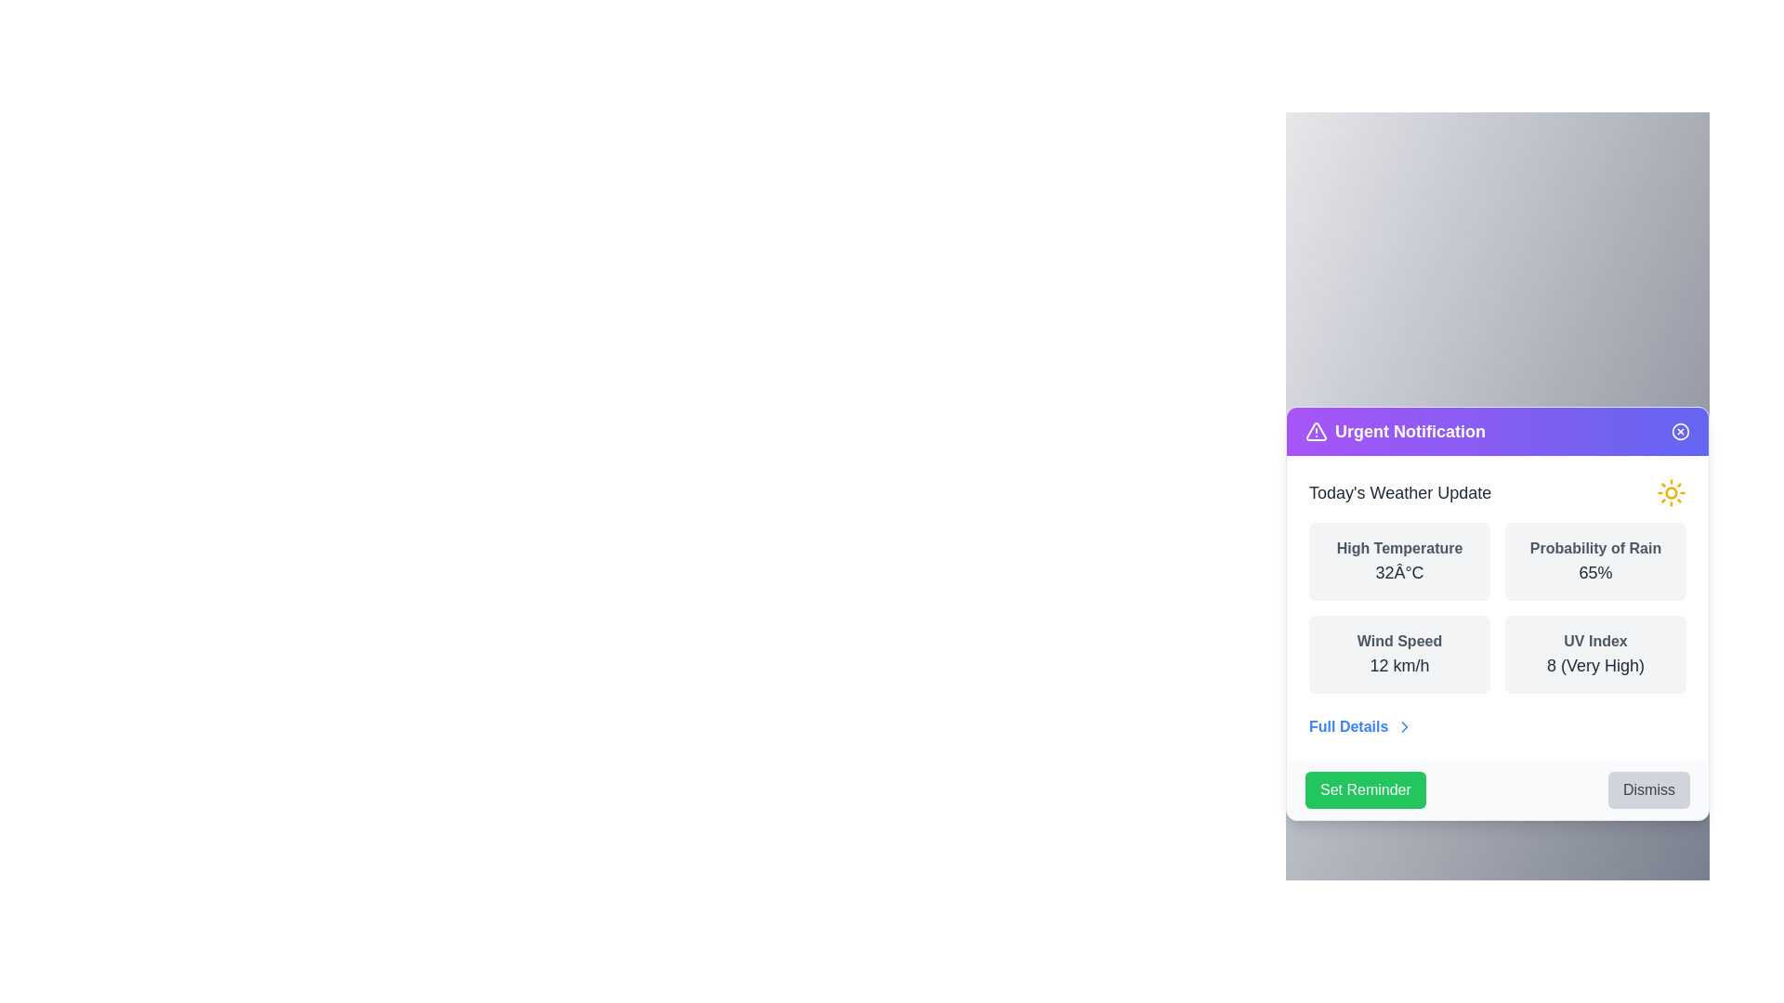  I want to click on the static text label displaying 'UV Index' in bold gray styling, located above '8 (Very High)' within the bottom-right weather information panel, so click(1594, 640).